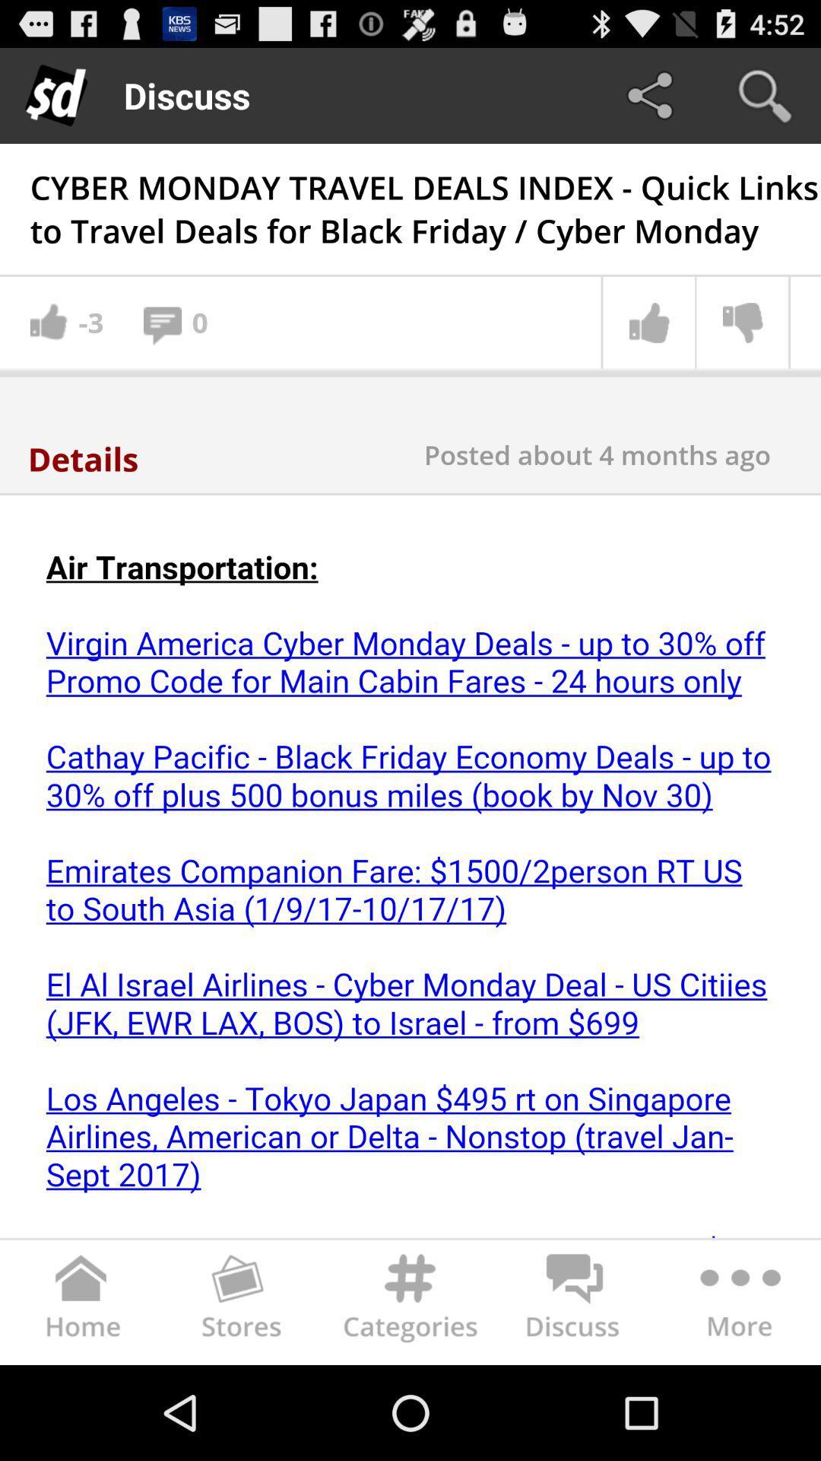 The image size is (821, 1461). Describe the element at coordinates (575, 1397) in the screenshot. I see `the chat icon` at that location.